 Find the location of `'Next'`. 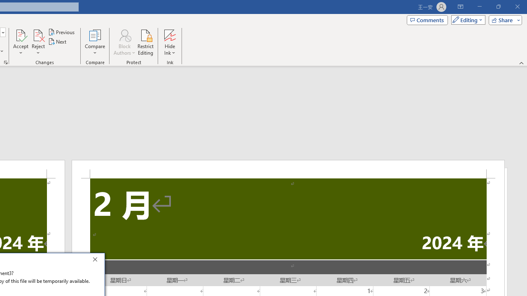

'Next' is located at coordinates (57, 42).